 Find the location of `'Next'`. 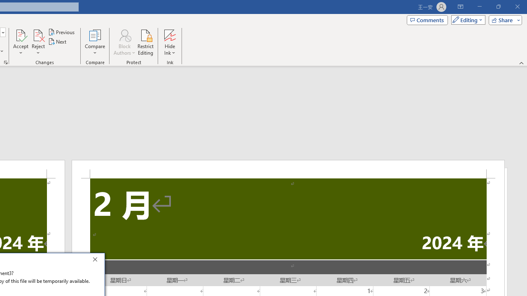

'Next' is located at coordinates (57, 42).